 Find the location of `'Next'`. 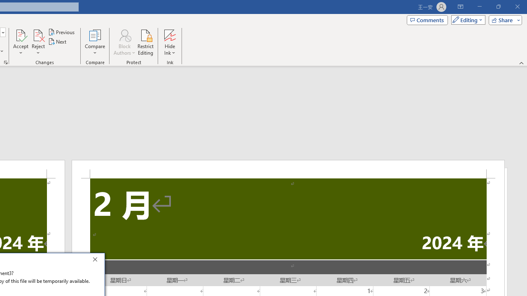

'Next' is located at coordinates (57, 42).